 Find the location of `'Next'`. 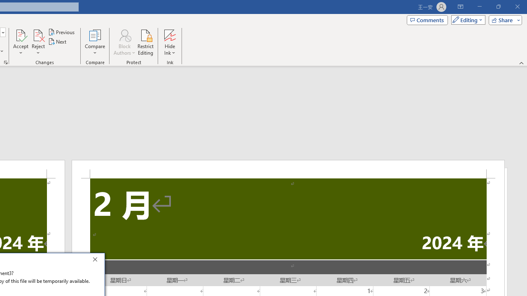

'Next' is located at coordinates (57, 42).